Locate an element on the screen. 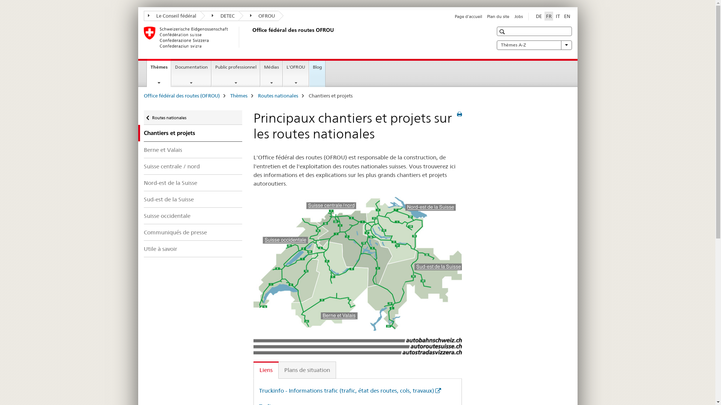  'Routes nationales' is located at coordinates (277, 95).